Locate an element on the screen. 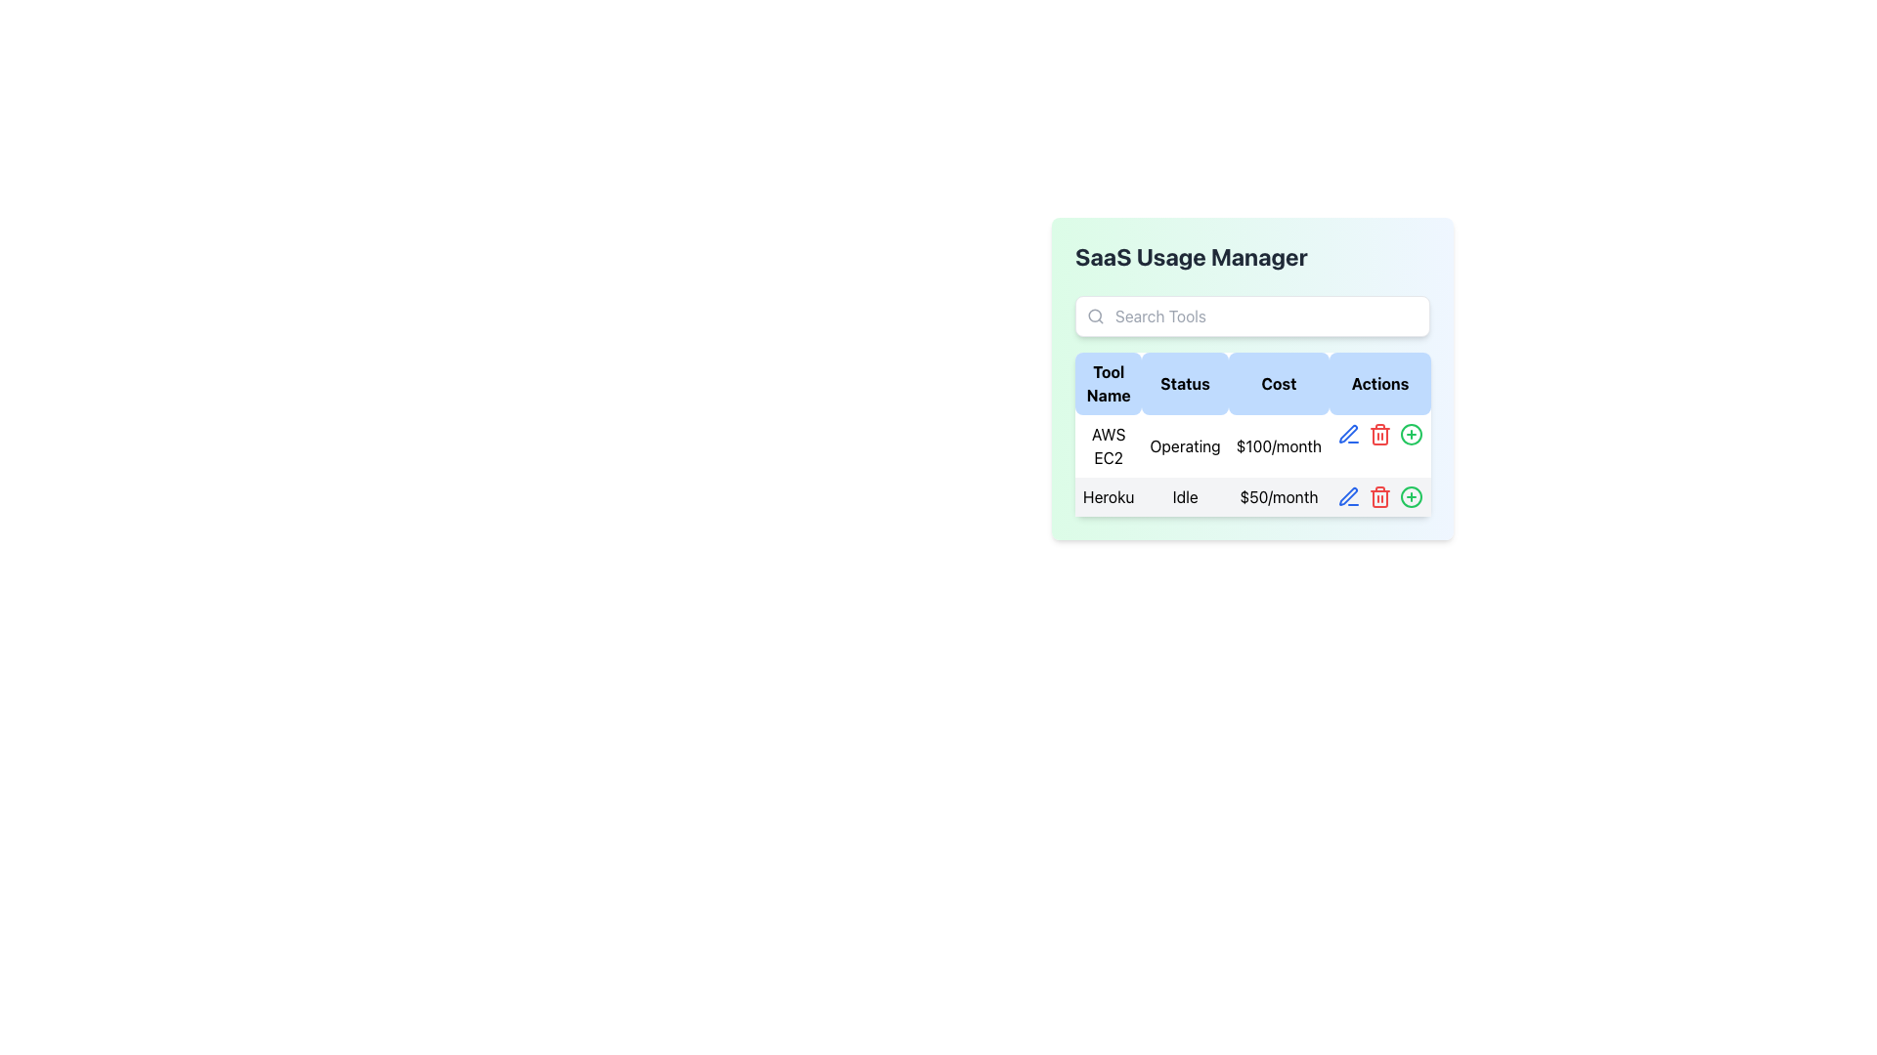  the cells of the Data Table that lists tools and their attributes, including headers like 'Tool Name', 'Status', 'Cost', and 'Actions' is located at coordinates (1252, 433).